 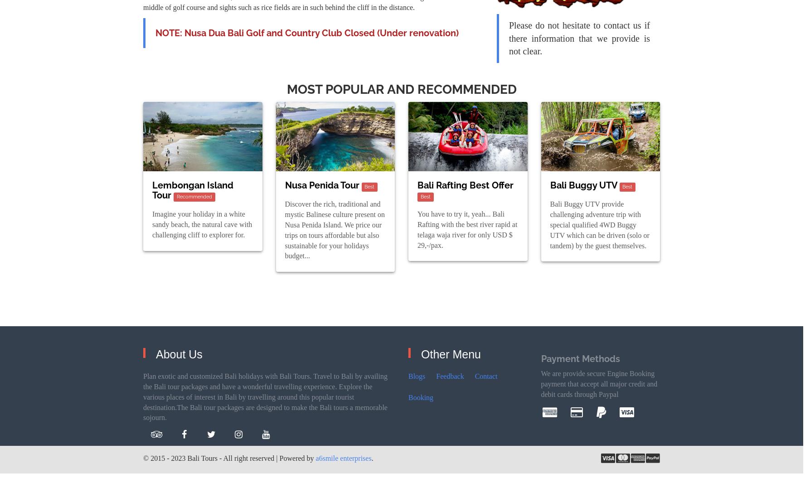 What do you see at coordinates (372, 458) in the screenshot?
I see `'.'` at bounding box center [372, 458].